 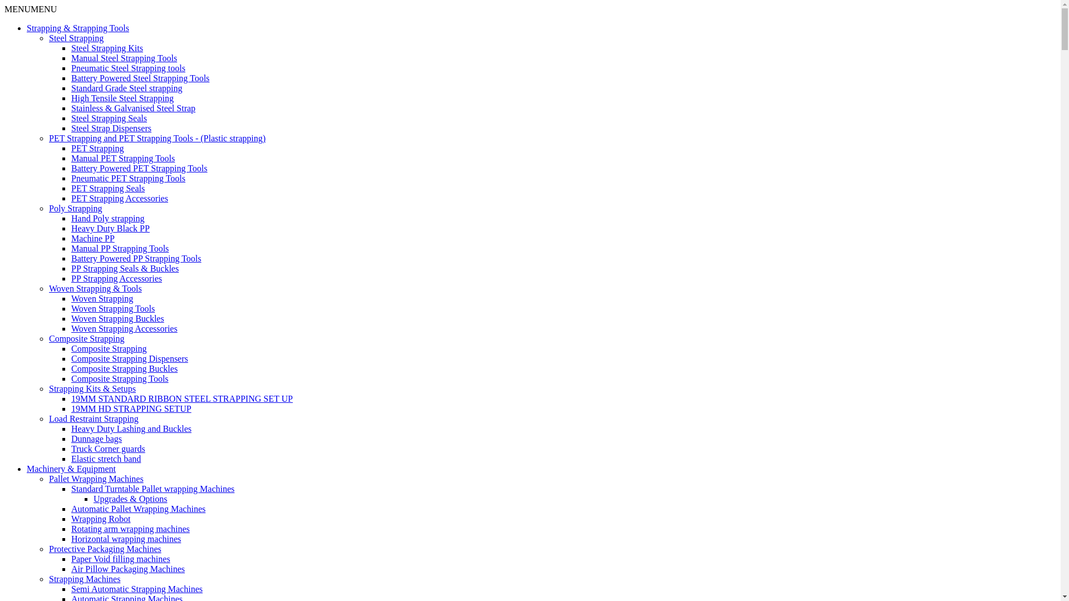 I want to click on 'Strapping Kits & Setups', so click(x=92, y=388).